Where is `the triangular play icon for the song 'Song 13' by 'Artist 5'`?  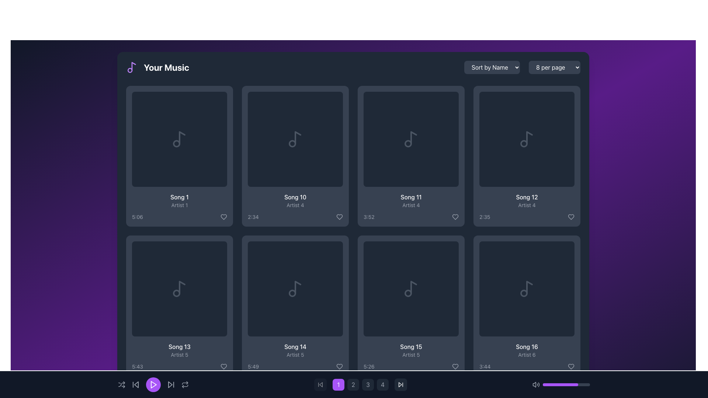 the triangular play icon for the song 'Song 13' by 'Artist 5' is located at coordinates (180, 288).